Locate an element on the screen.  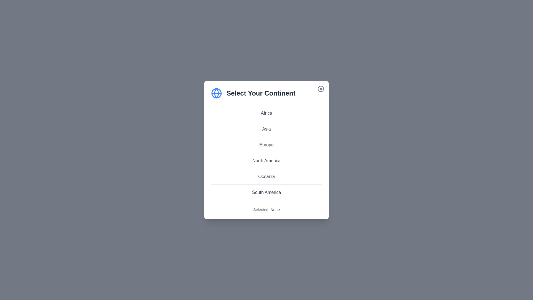
close button to close the dialog is located at coordinates (321, 88).